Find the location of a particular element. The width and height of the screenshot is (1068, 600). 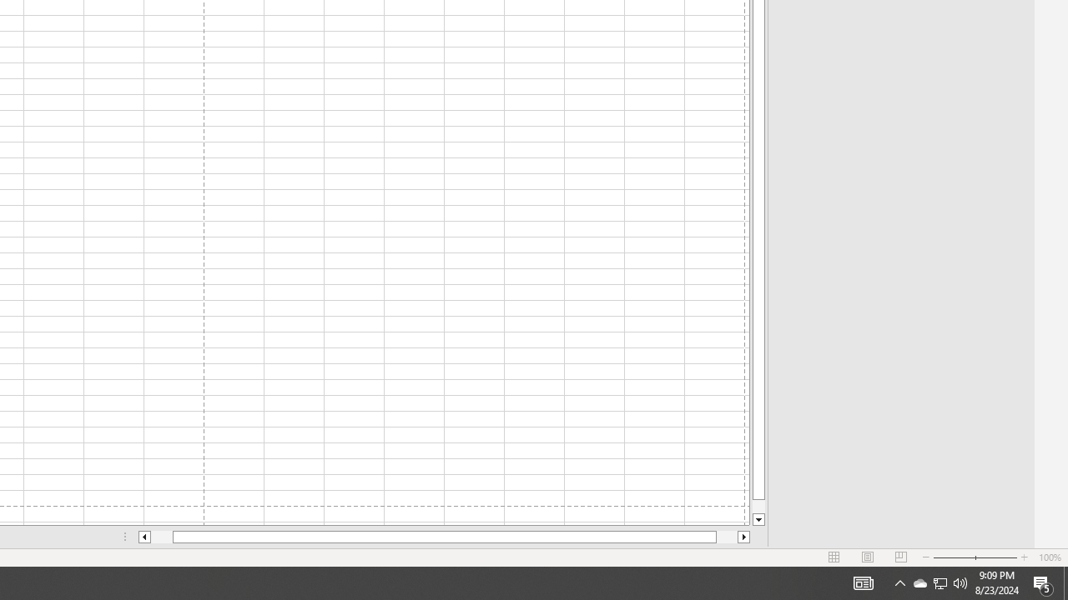

'Zoom' is located at coordinates (975, 557).